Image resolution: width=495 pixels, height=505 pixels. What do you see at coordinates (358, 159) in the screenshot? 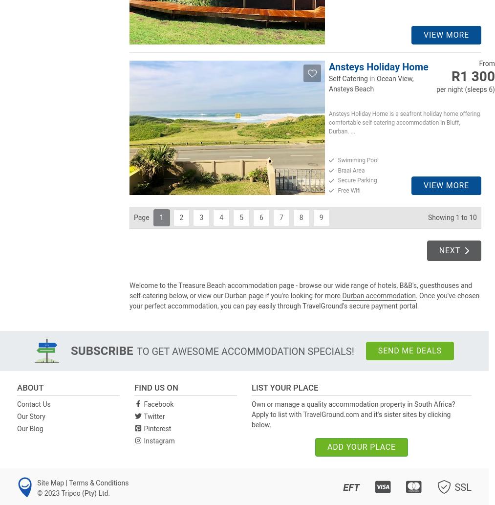
I see `'Swimming Pool'` at bounding box center [358, 159].